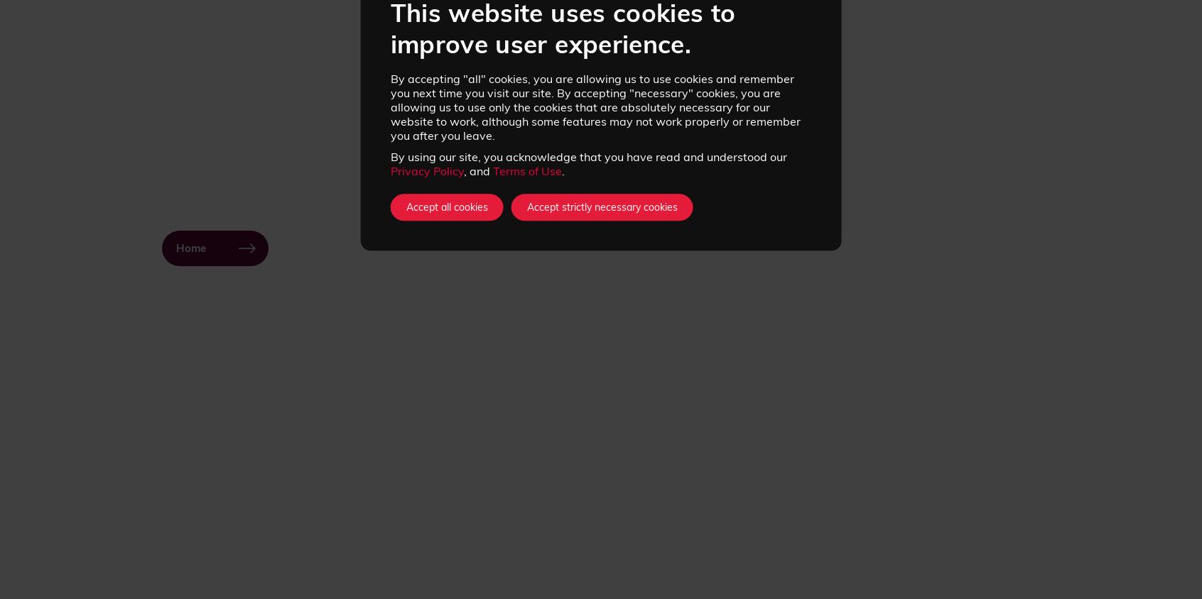 The image size is (1202, 599). I want to click on 'For golfers', so click(254, 527).